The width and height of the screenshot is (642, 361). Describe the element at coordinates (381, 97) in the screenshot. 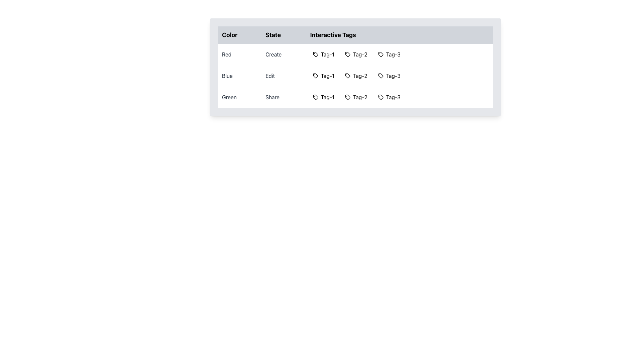

I see `the interactive icon associated with the 'Tag-3' label in the 'Interactive Tags' column of the 'Share' row` at that location.